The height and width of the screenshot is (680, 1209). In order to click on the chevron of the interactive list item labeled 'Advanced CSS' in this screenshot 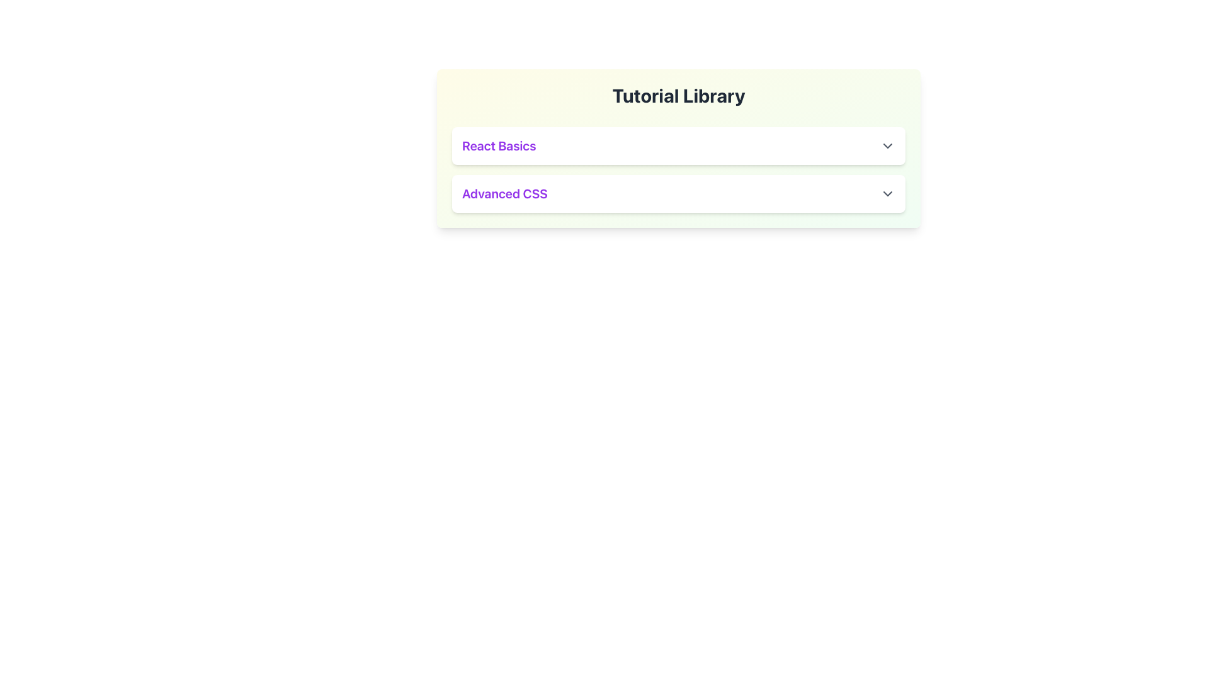, I will do `click(678, 194)`.